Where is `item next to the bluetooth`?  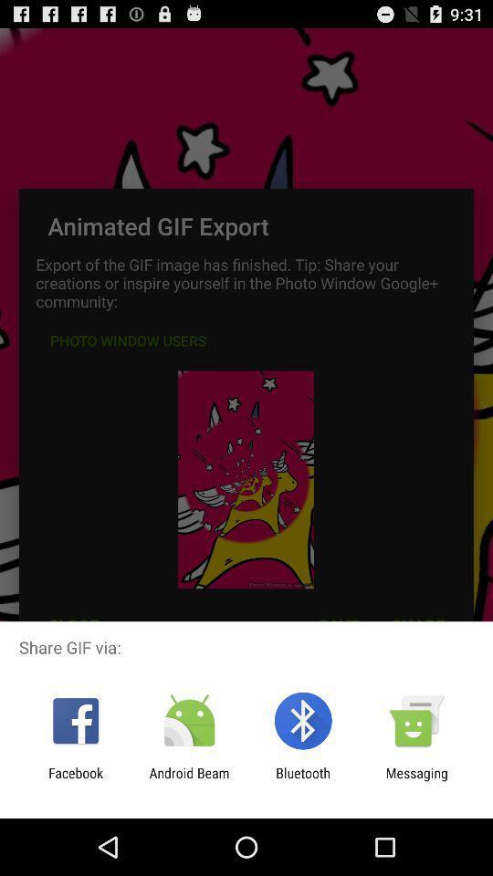 item next to the bluetooth is located at coordinates (188, 780).